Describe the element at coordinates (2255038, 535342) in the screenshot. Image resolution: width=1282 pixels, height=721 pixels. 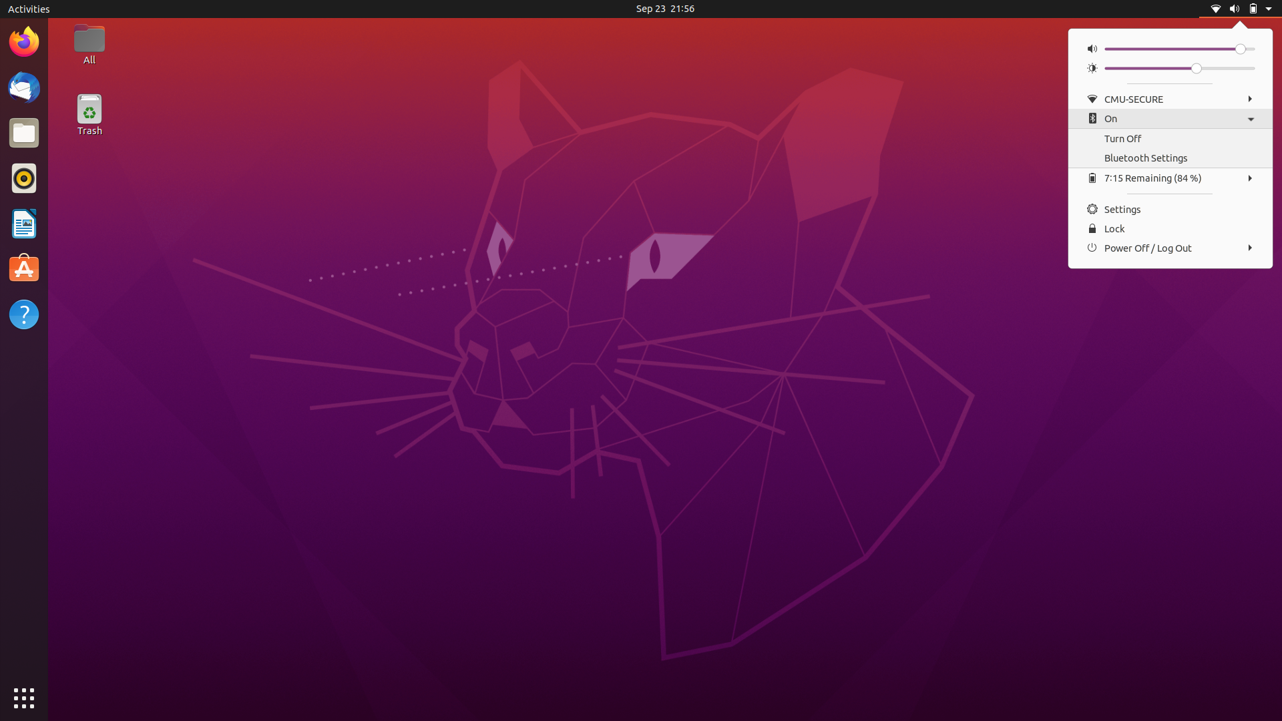
I see `Perform a right-click function on the desktop screen to open menu` at that location.